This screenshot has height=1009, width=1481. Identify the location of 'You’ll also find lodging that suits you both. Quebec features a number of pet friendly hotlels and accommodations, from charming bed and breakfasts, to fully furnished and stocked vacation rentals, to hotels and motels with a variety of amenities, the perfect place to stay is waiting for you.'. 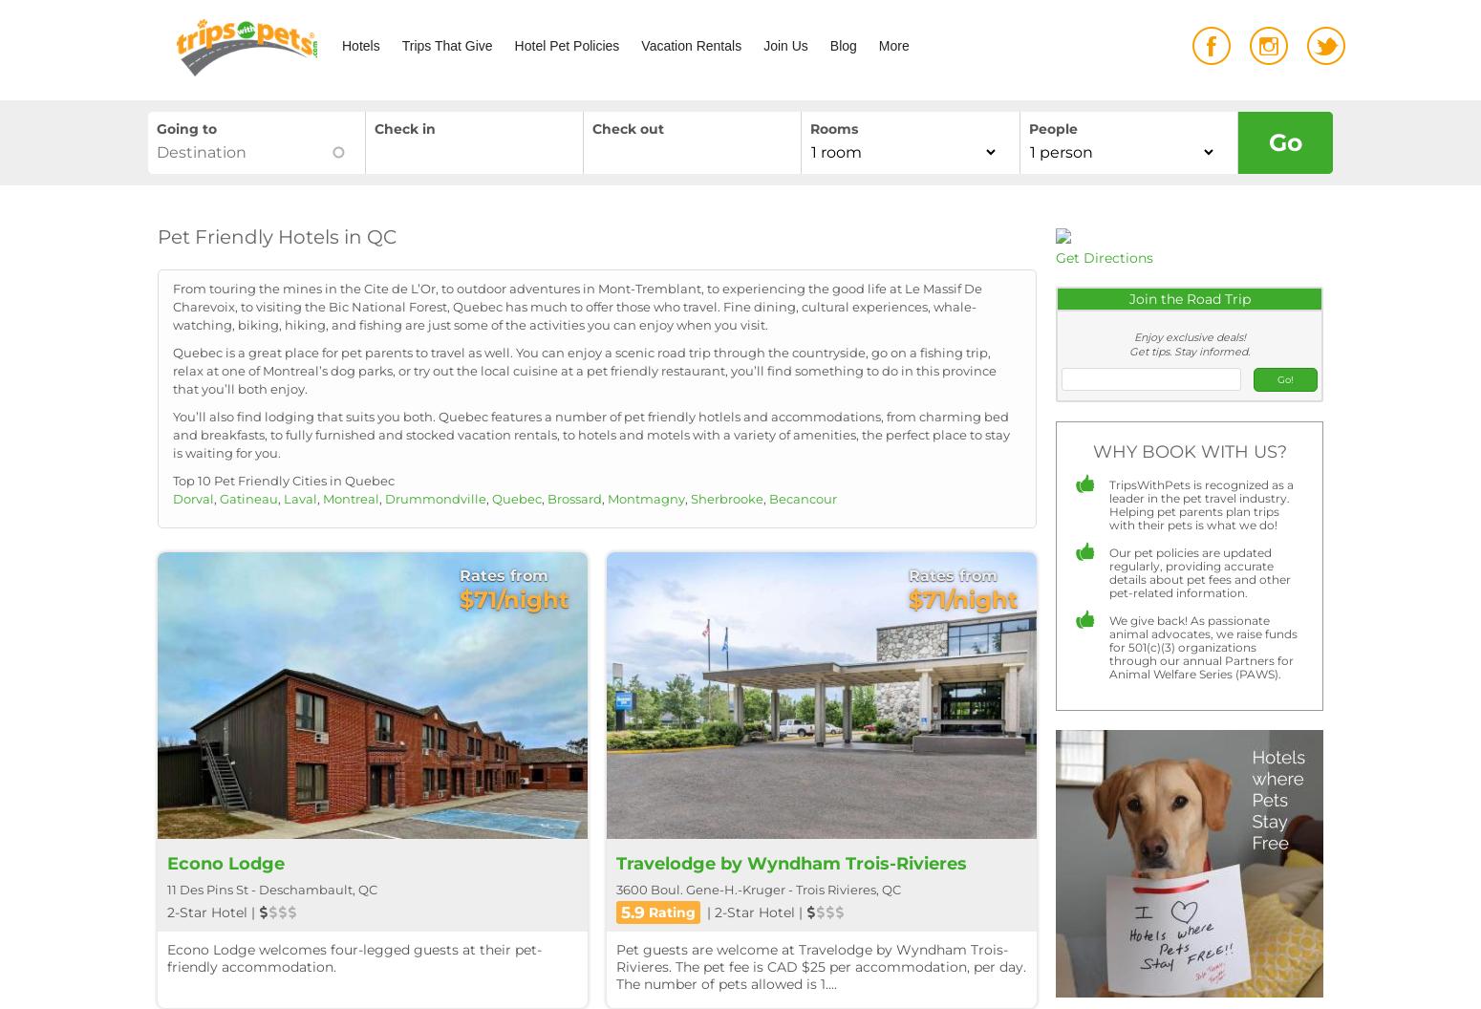
(172, 435).